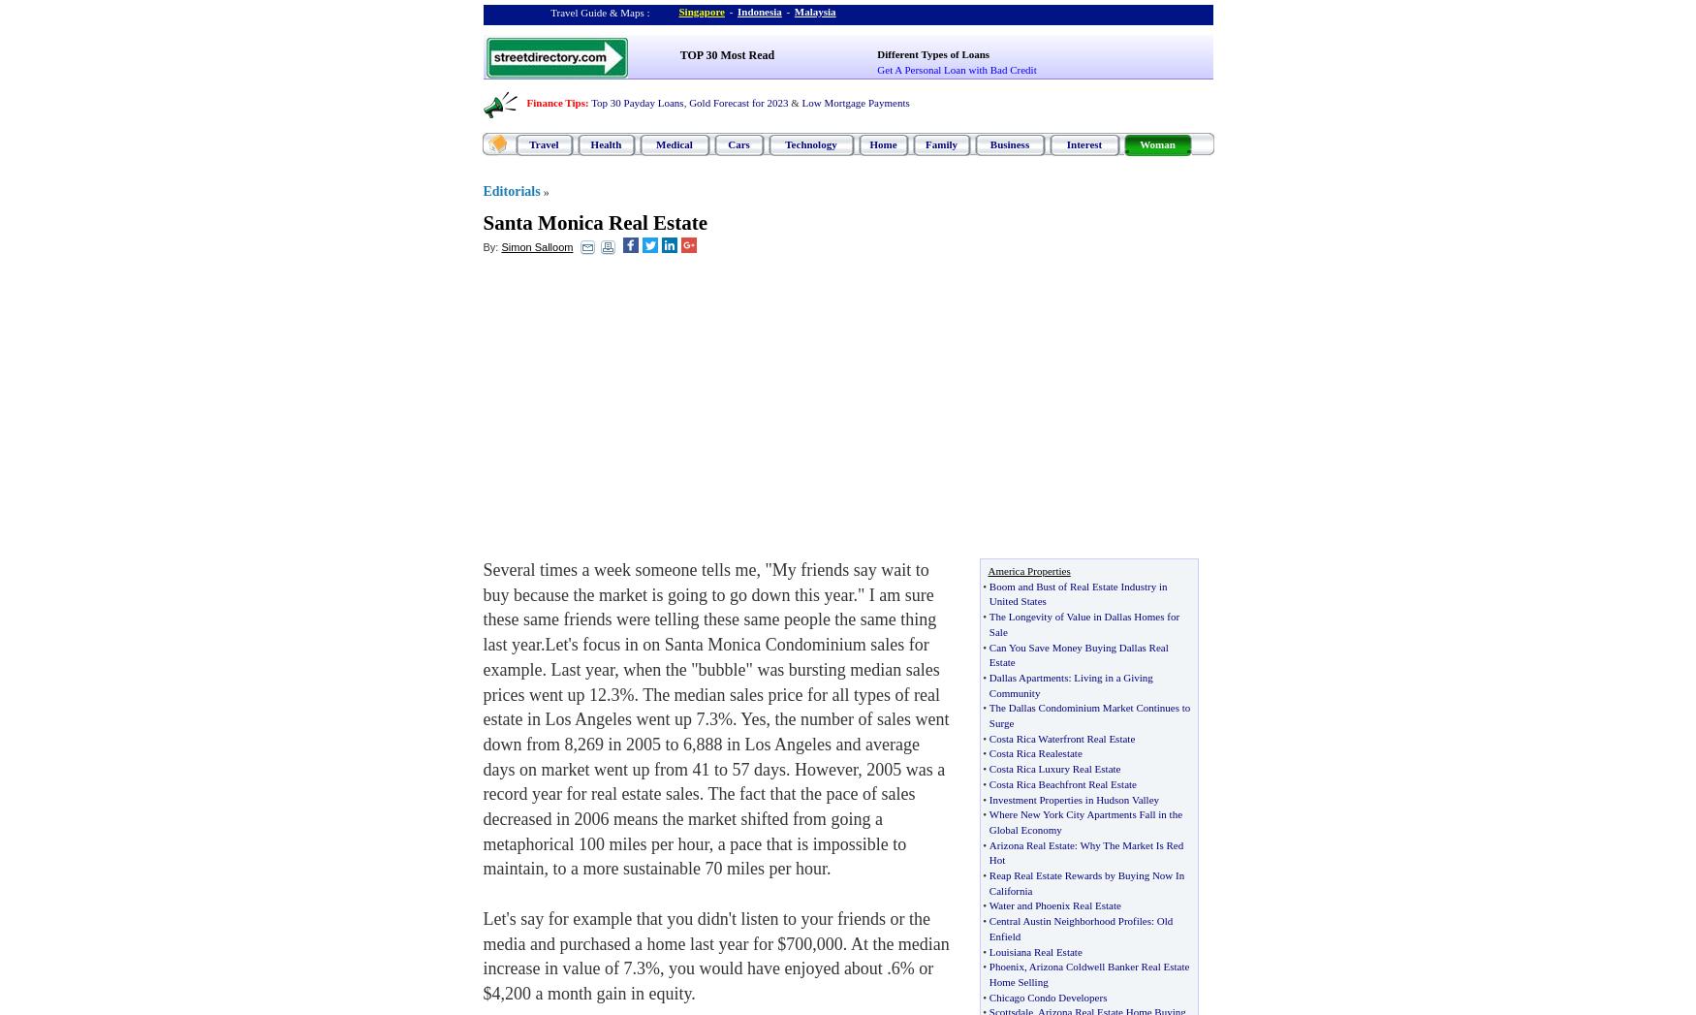  Describe the element at coordinates (882, 143) in the screenshot. I see `'Home'` at that location.